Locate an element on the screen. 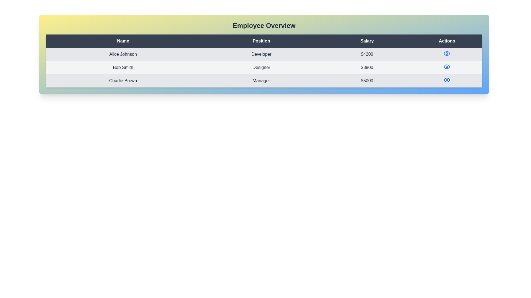 This screenshot has width=531, height=298. the blue eye icon button in the 'Actions' column of the row labeled 'Bob Smith' to observe the scaling effect is located at coordinates (447, 66).